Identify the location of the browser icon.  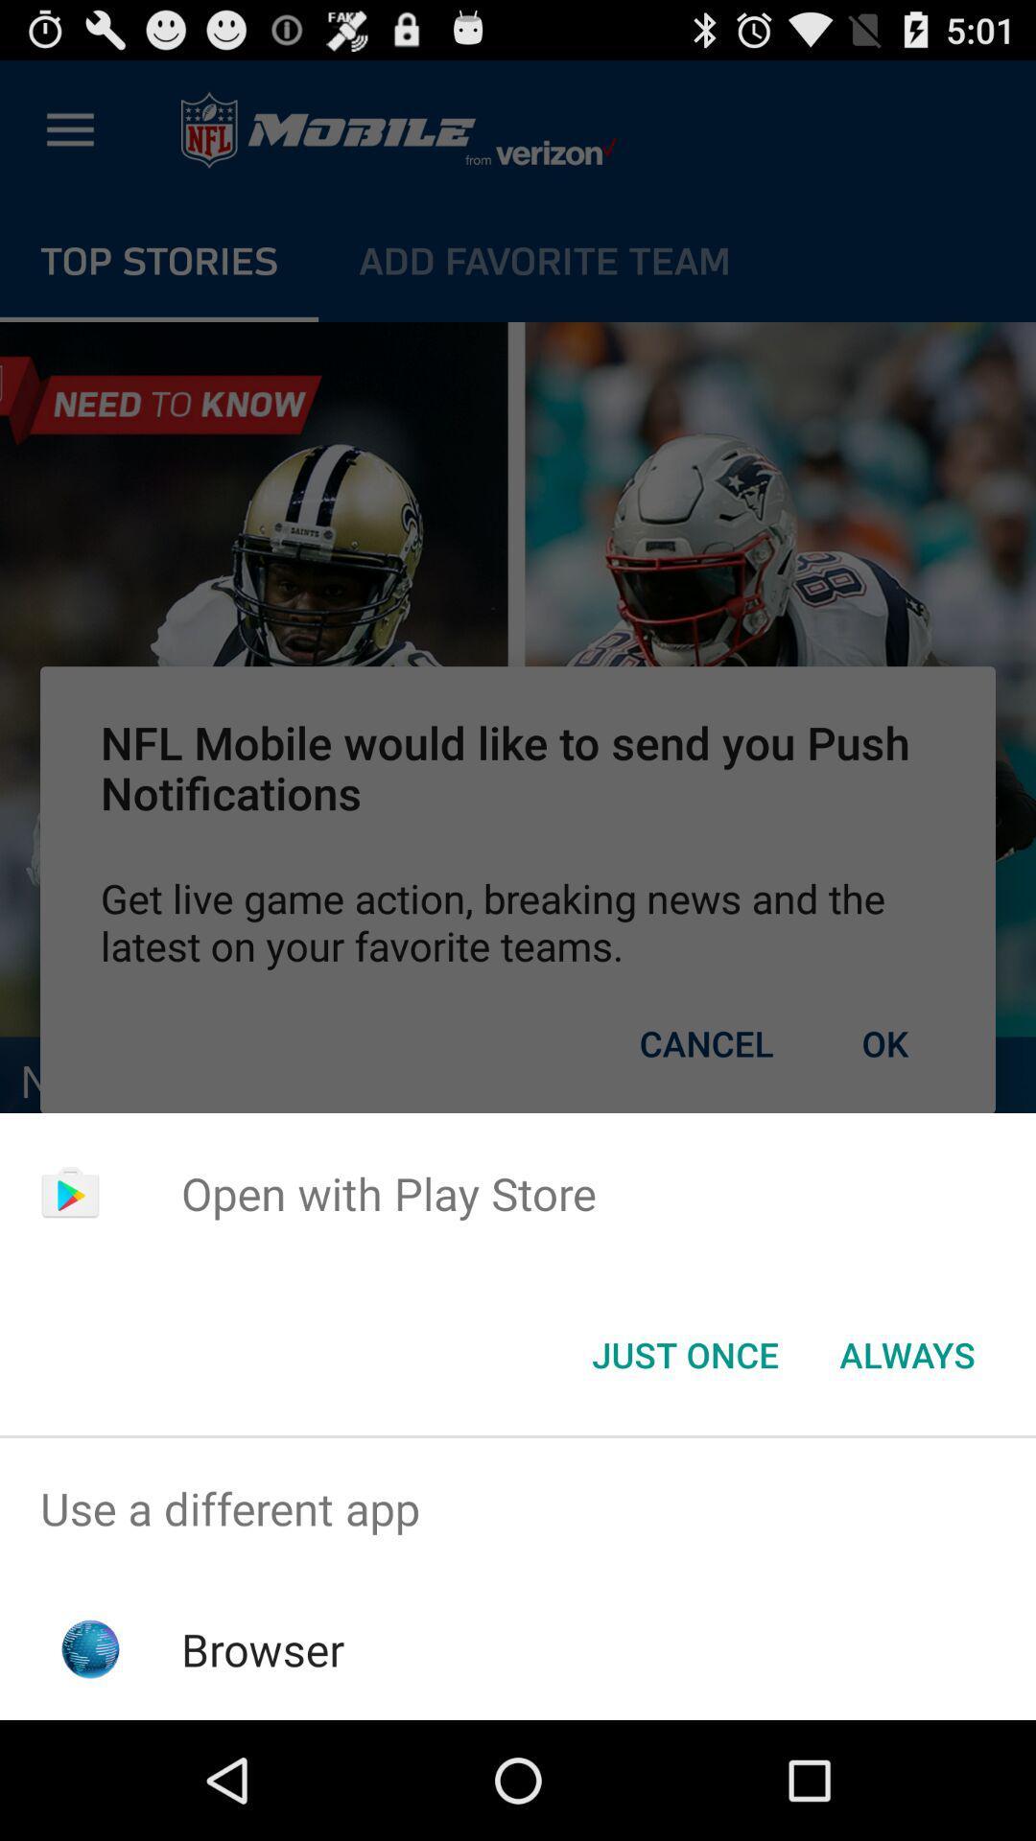
(263, 1648).